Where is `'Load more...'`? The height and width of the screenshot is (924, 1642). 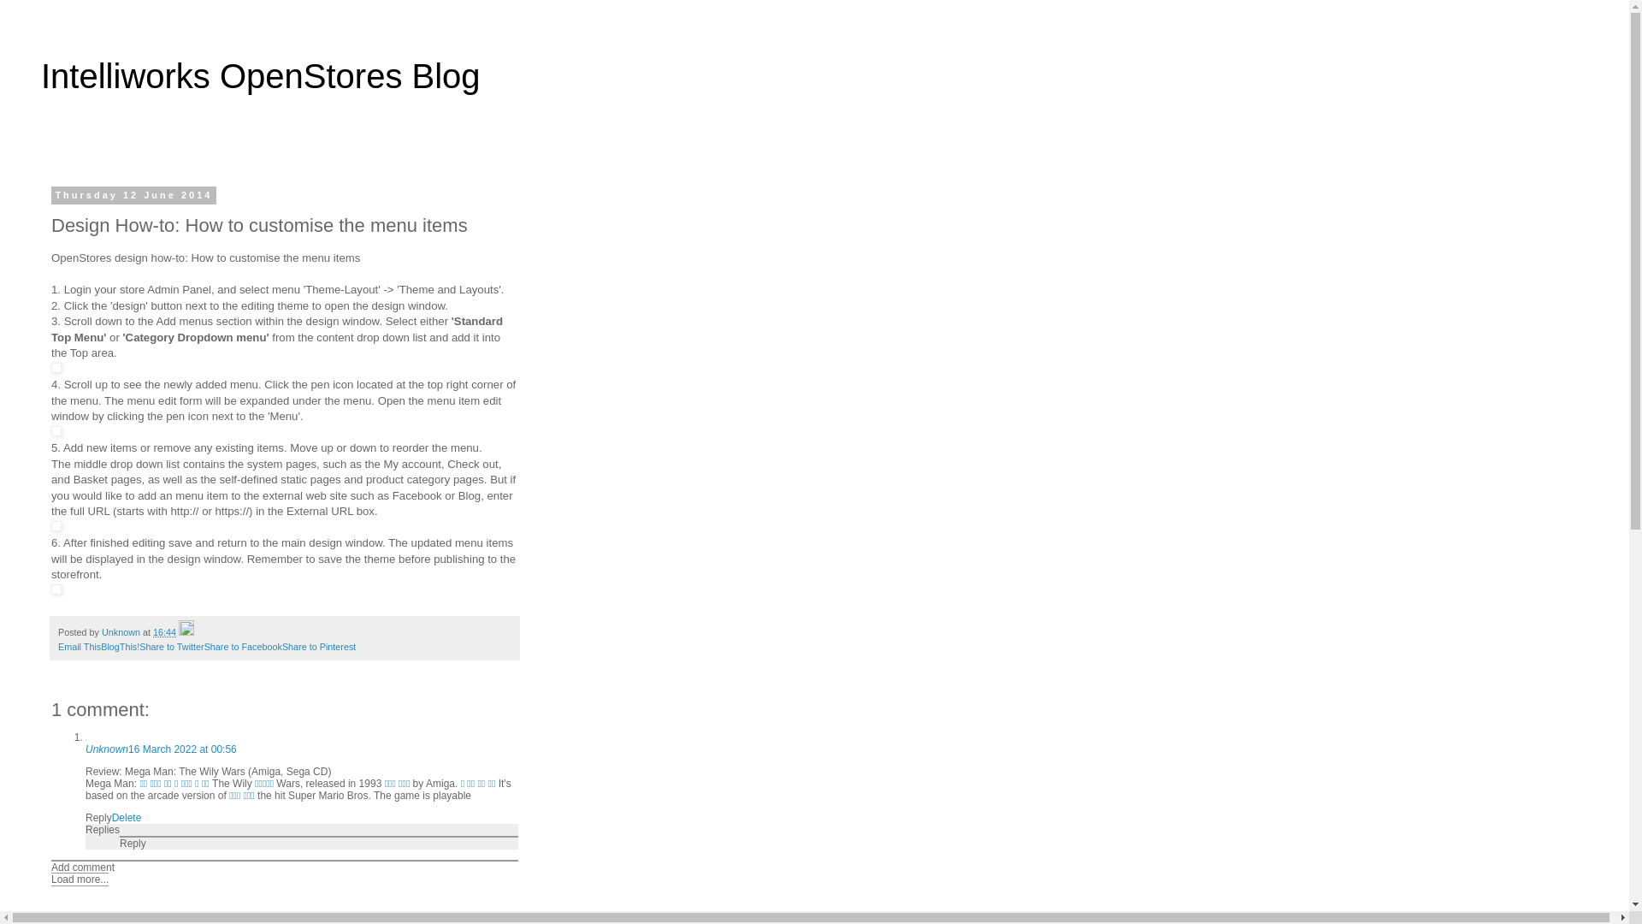 'Load more...' is located at coordinates (79, 880).